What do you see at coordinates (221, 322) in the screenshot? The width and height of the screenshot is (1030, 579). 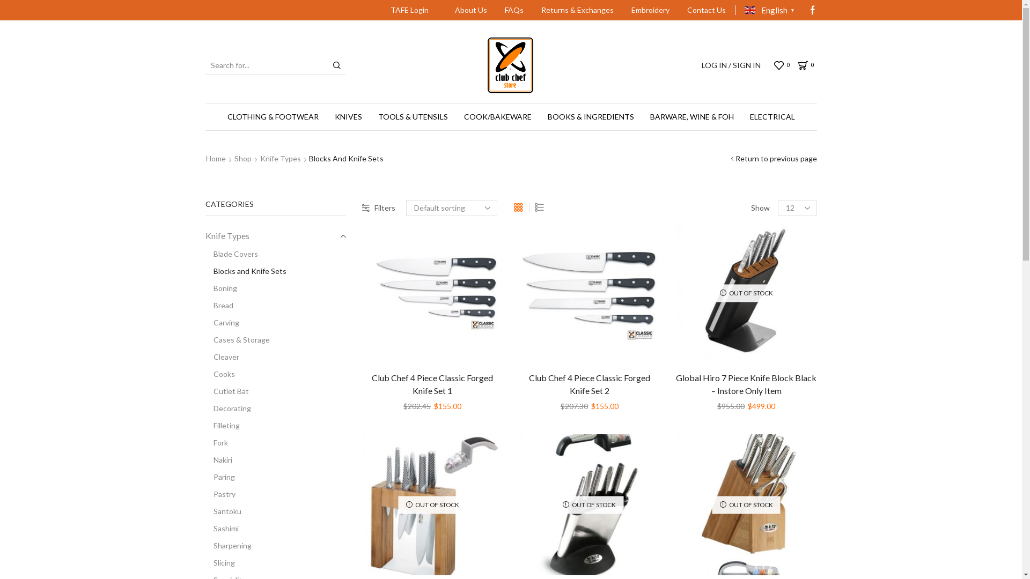 I see `'Carving'` at bounding box center [221, 322].